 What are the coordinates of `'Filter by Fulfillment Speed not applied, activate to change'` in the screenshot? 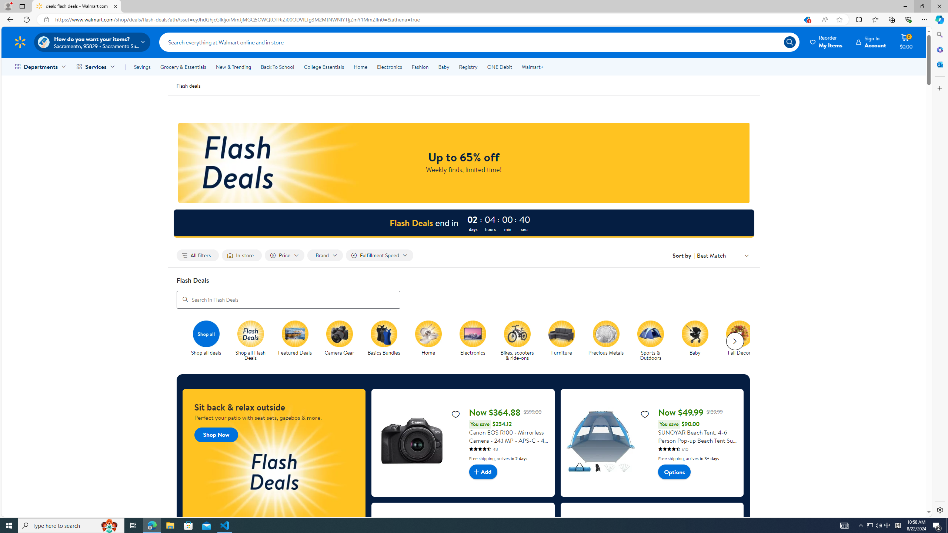 It's located at (379, 255).